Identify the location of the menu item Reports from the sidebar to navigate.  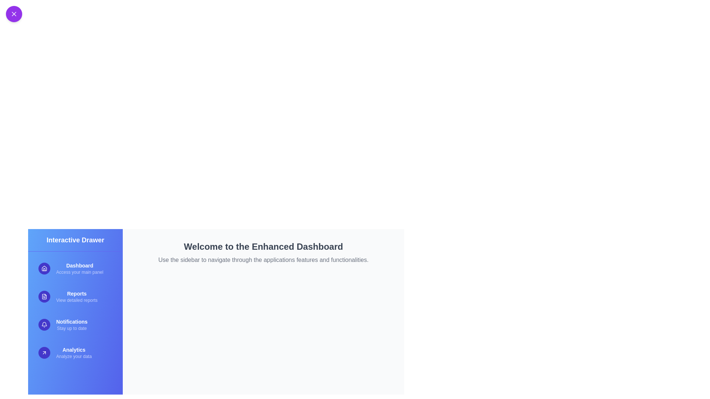
(75, 296).